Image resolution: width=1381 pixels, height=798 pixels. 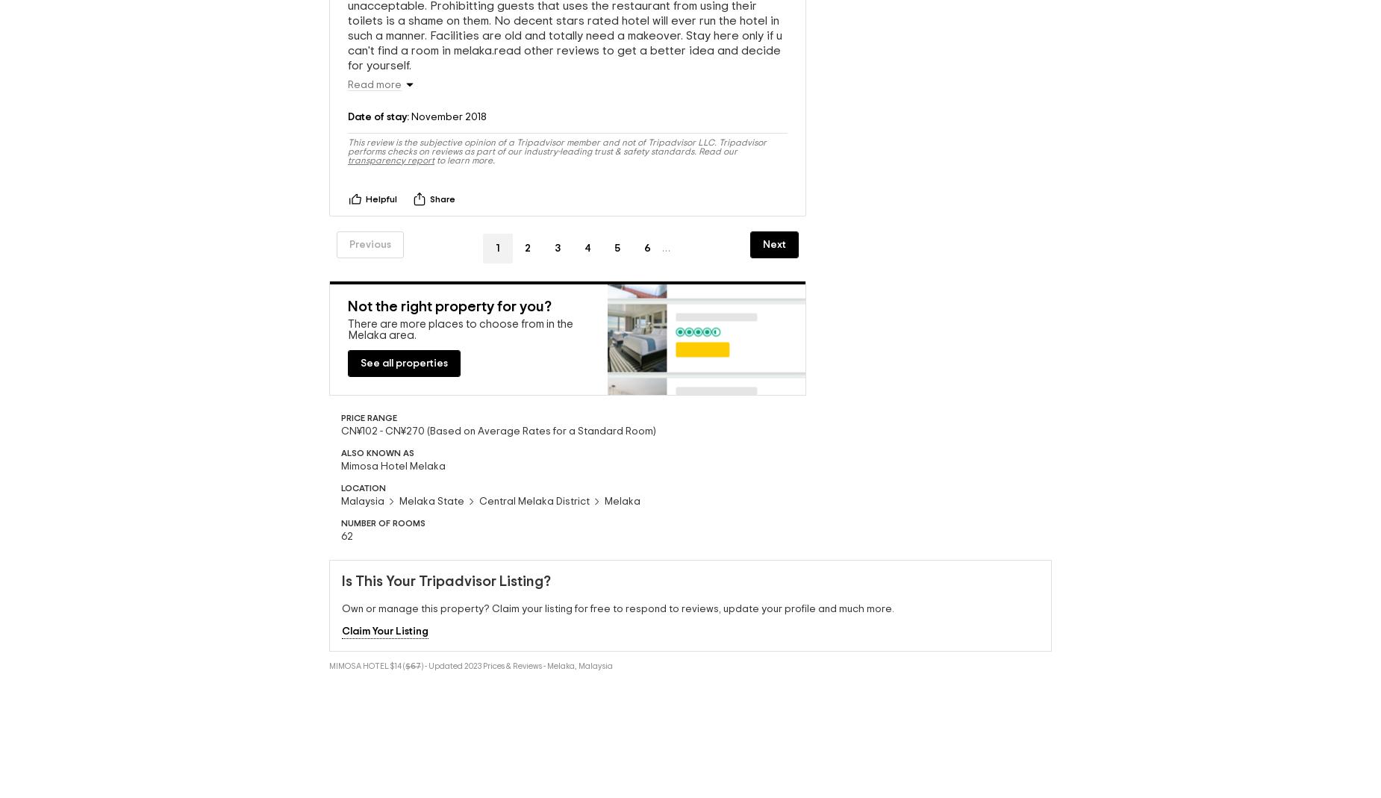 I want to click on 'Claim Your Listing', so click(x=384, y=631).